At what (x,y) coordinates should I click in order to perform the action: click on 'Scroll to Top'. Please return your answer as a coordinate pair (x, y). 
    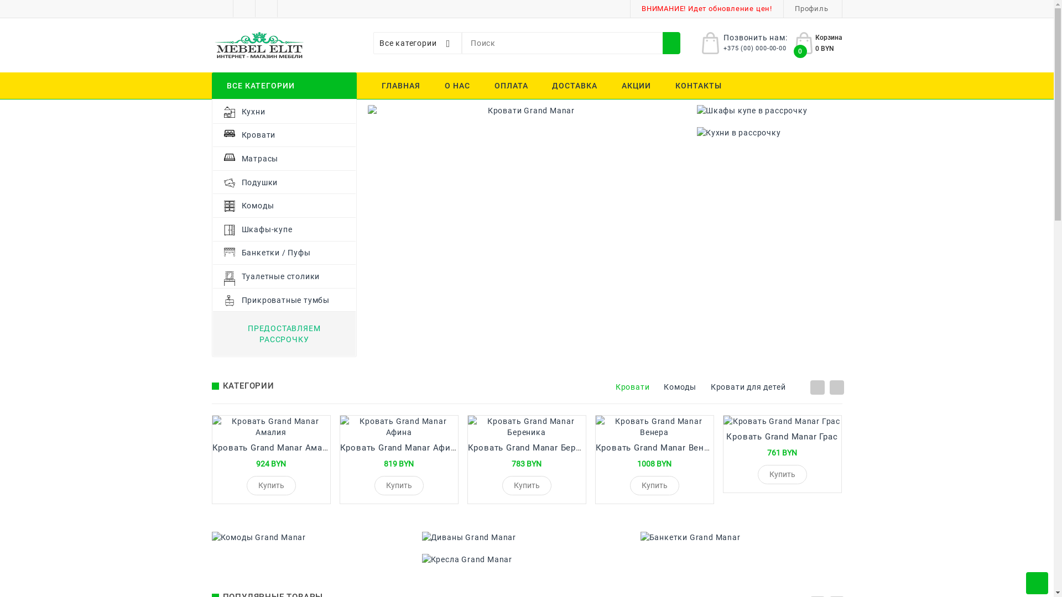
    Looking at the image, I should click on (1037, 583).